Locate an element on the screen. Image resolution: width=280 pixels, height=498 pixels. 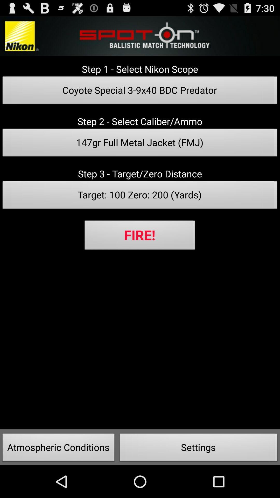
the item to the right of atmospheric conditions item is located at coordinates (198, 449).